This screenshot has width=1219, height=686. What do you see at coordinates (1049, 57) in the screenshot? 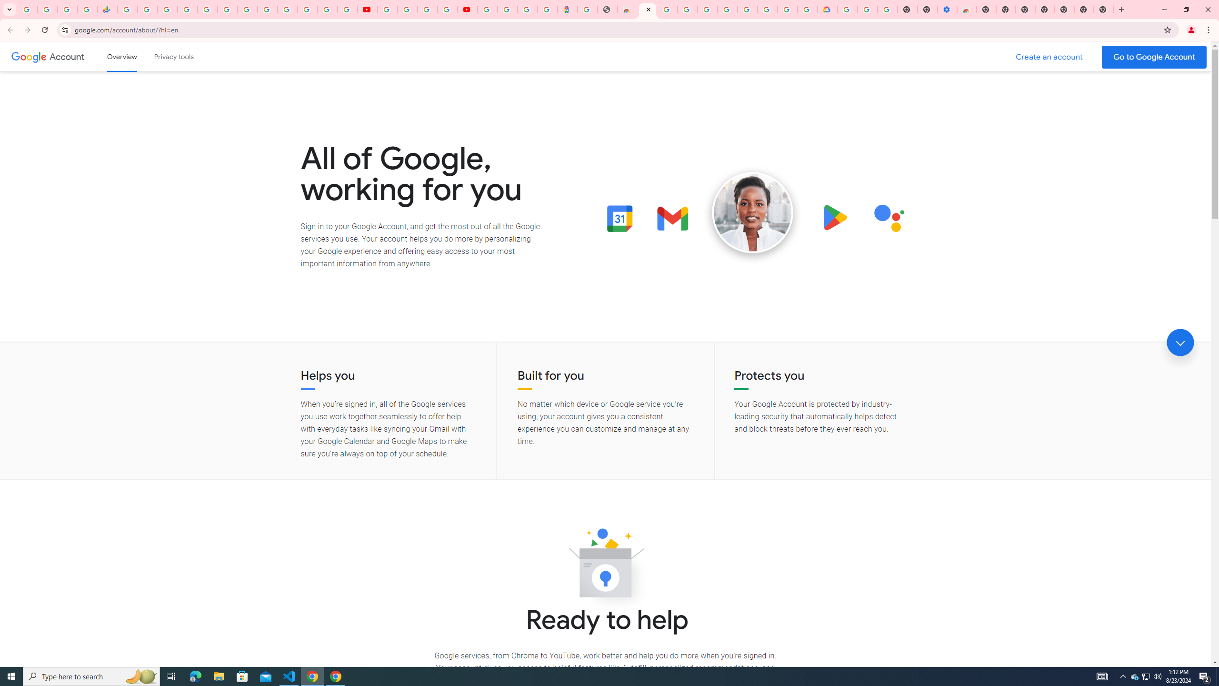
I see `'Create a Google Account'` at bounding box center [1049, 57].